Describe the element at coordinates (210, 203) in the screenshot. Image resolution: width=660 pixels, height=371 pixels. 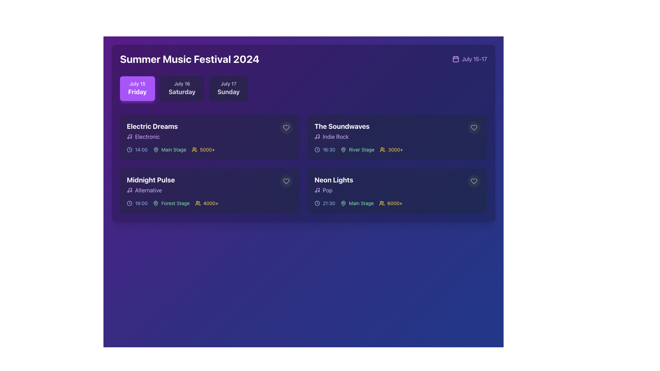
I see `the text label '4000+' displayed in a bold font with a yellowish color on a dark blue background, located in the second event card titled 'Midnight Pulse.'` at that location.